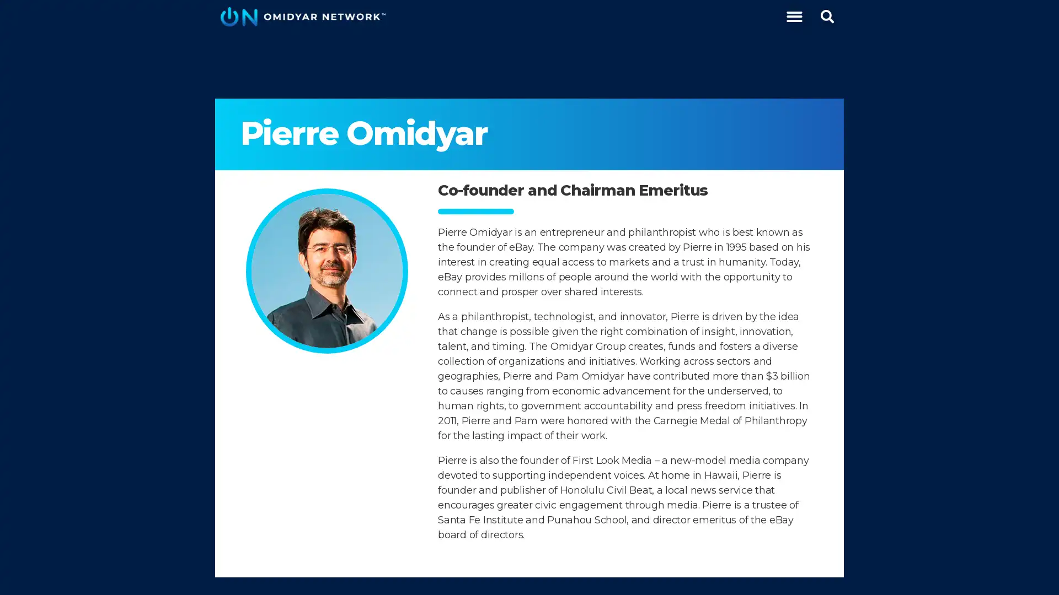 The width and height of the screenshot is (1059, 595). What do you see at coordinates (793, 17) in the screenshot?
I see `Menu Toggle` at bounding box center [793, 17].